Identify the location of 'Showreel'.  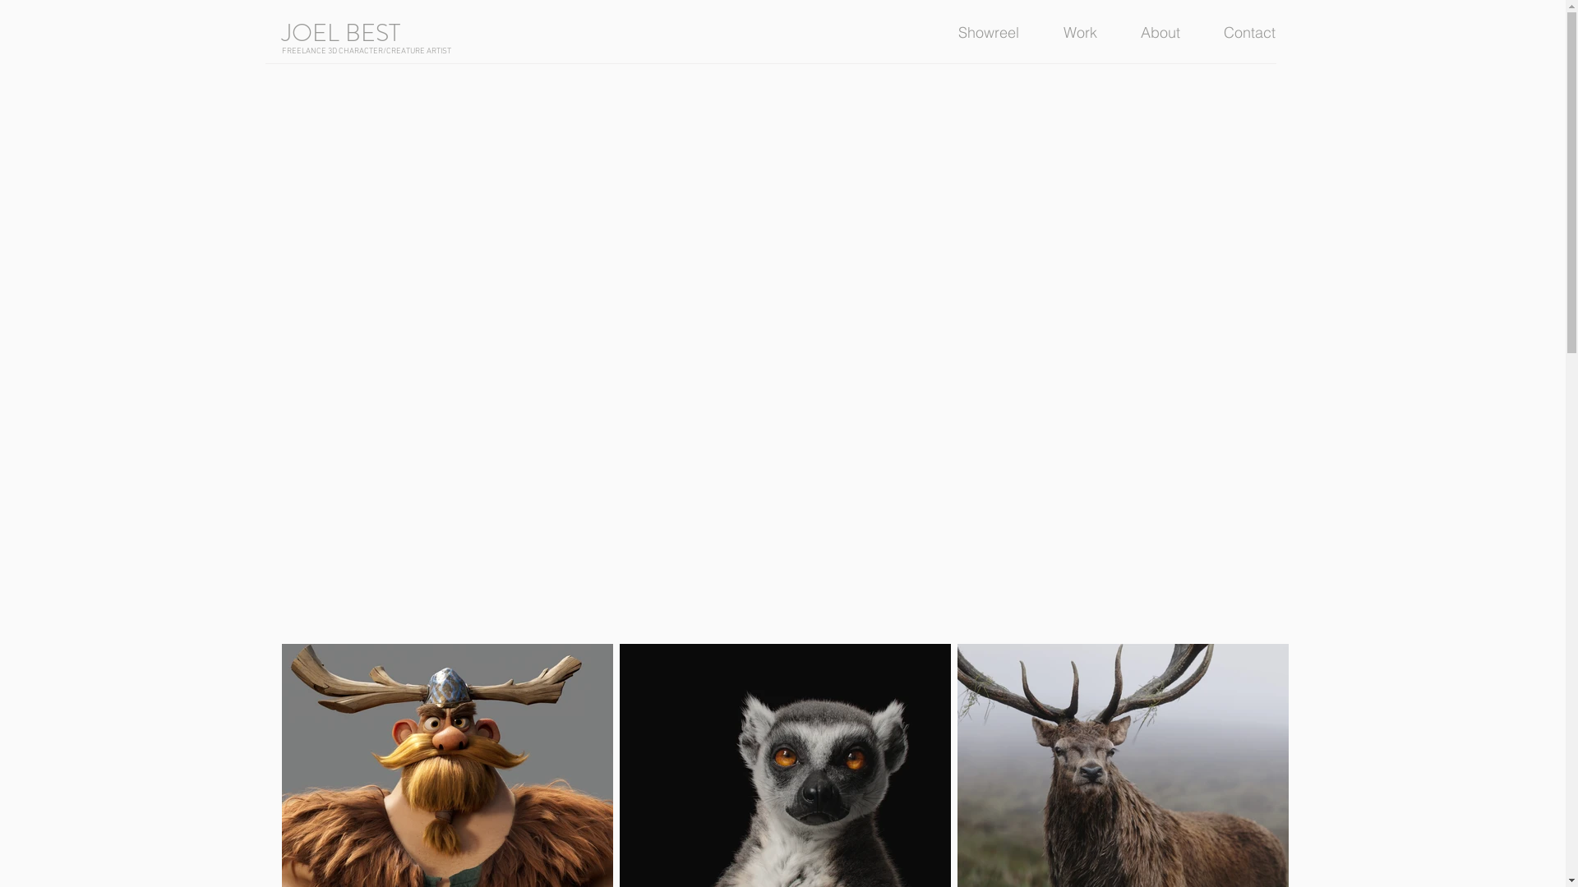
(997, 32).